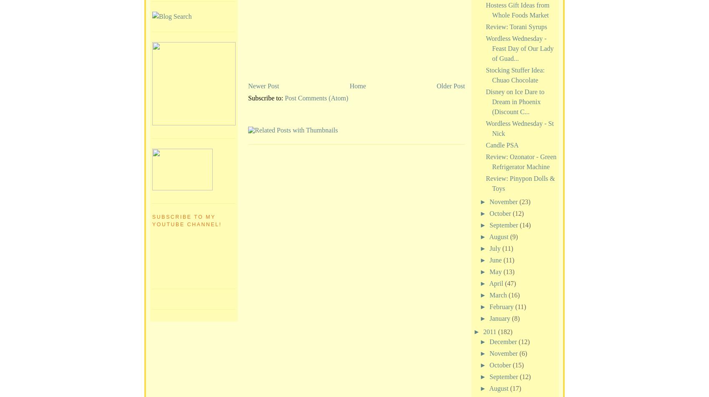 The image size is (709, 397). I want to click on 'Subscribe to:', so click(267, 97).